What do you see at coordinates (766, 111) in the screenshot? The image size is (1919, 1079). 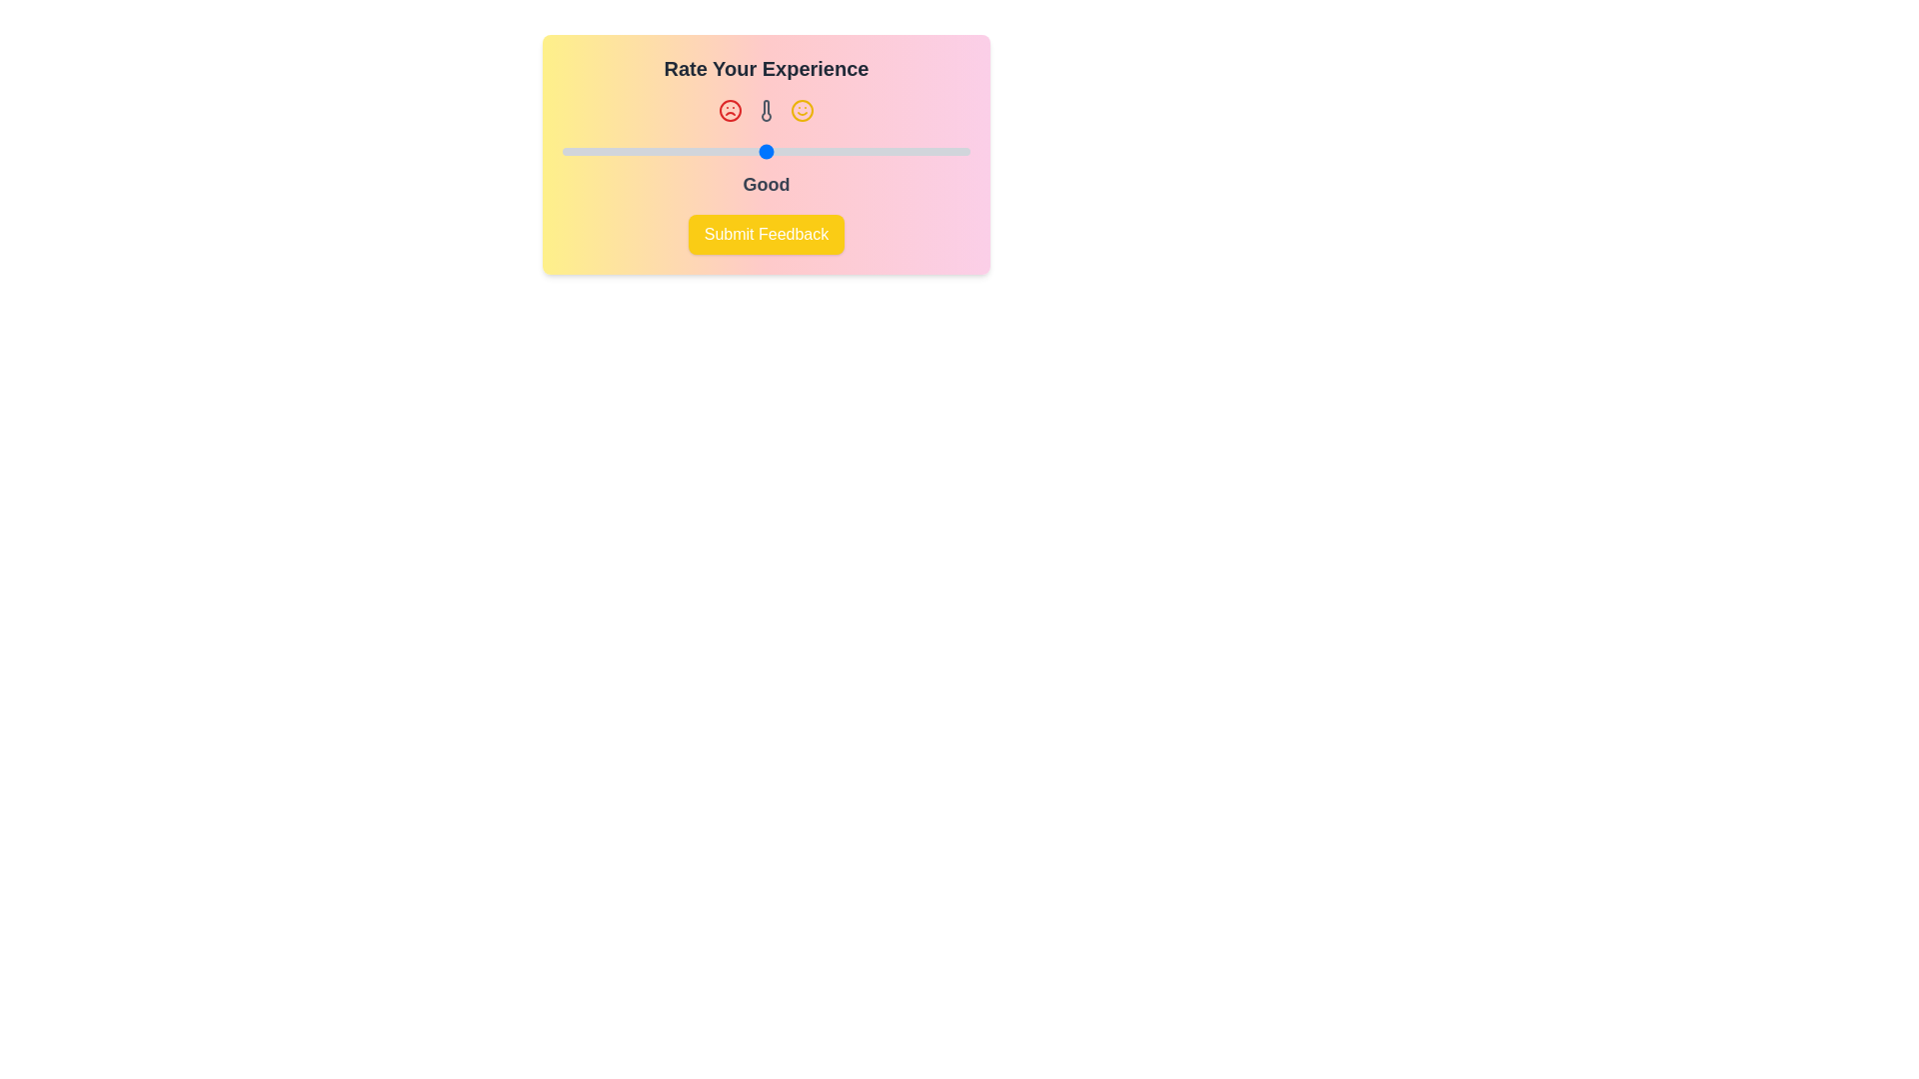 I see `the Thermometer icon to observe its state` at bounding box center [766, 111].